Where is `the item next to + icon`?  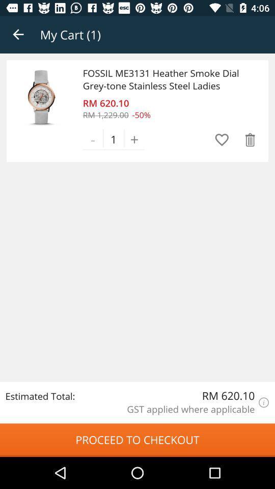
the item next to + icon is located at coordinates (221, 139).